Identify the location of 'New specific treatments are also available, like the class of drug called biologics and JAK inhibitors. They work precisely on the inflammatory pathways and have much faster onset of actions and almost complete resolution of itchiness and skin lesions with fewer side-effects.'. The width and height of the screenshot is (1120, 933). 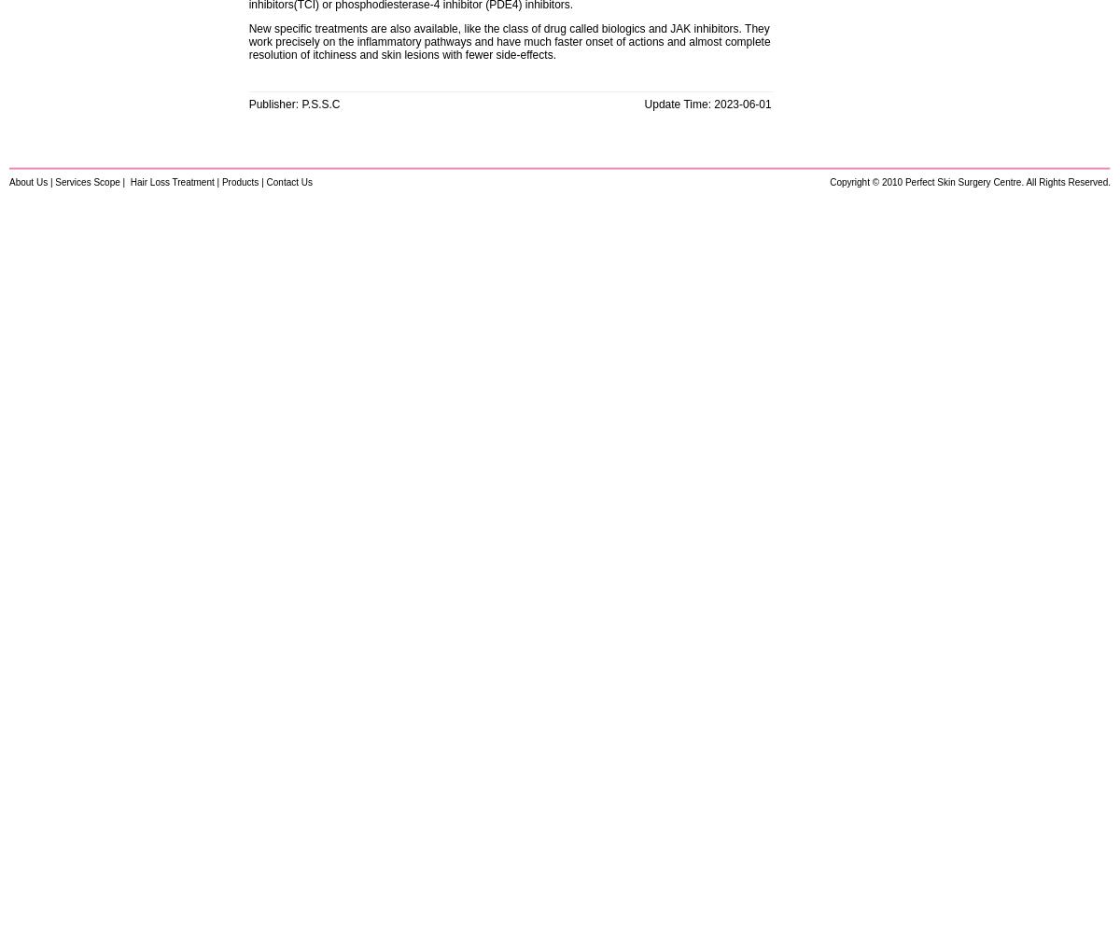
(247, 42).